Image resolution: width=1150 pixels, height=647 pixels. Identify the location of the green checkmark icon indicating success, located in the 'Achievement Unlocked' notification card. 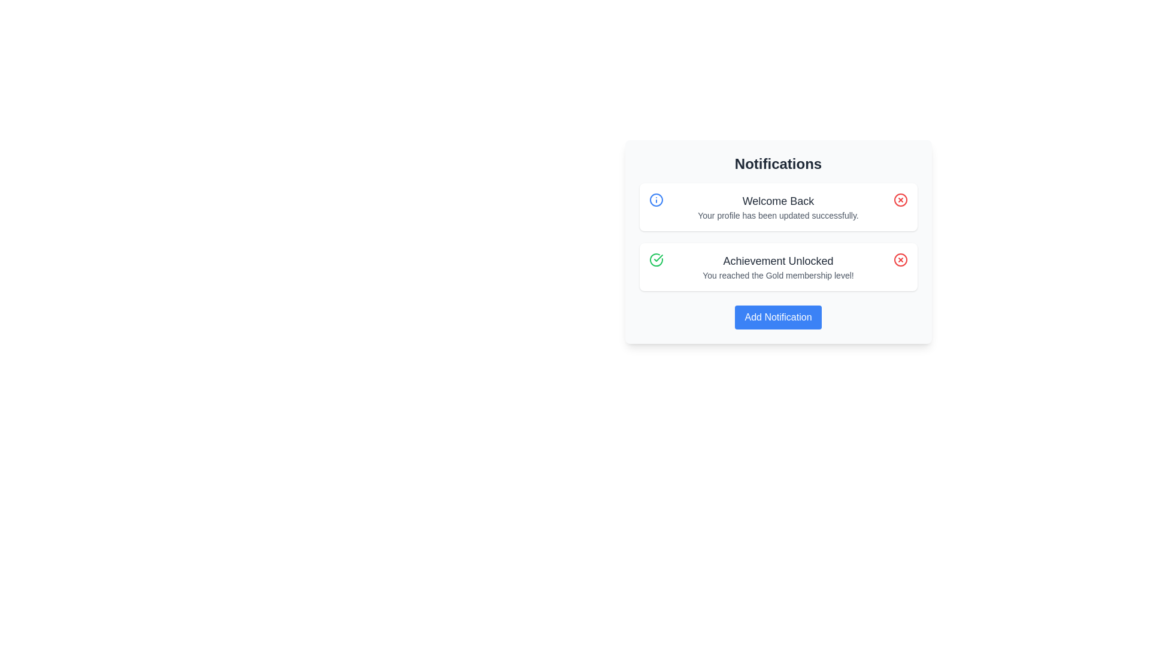
(655, 259).